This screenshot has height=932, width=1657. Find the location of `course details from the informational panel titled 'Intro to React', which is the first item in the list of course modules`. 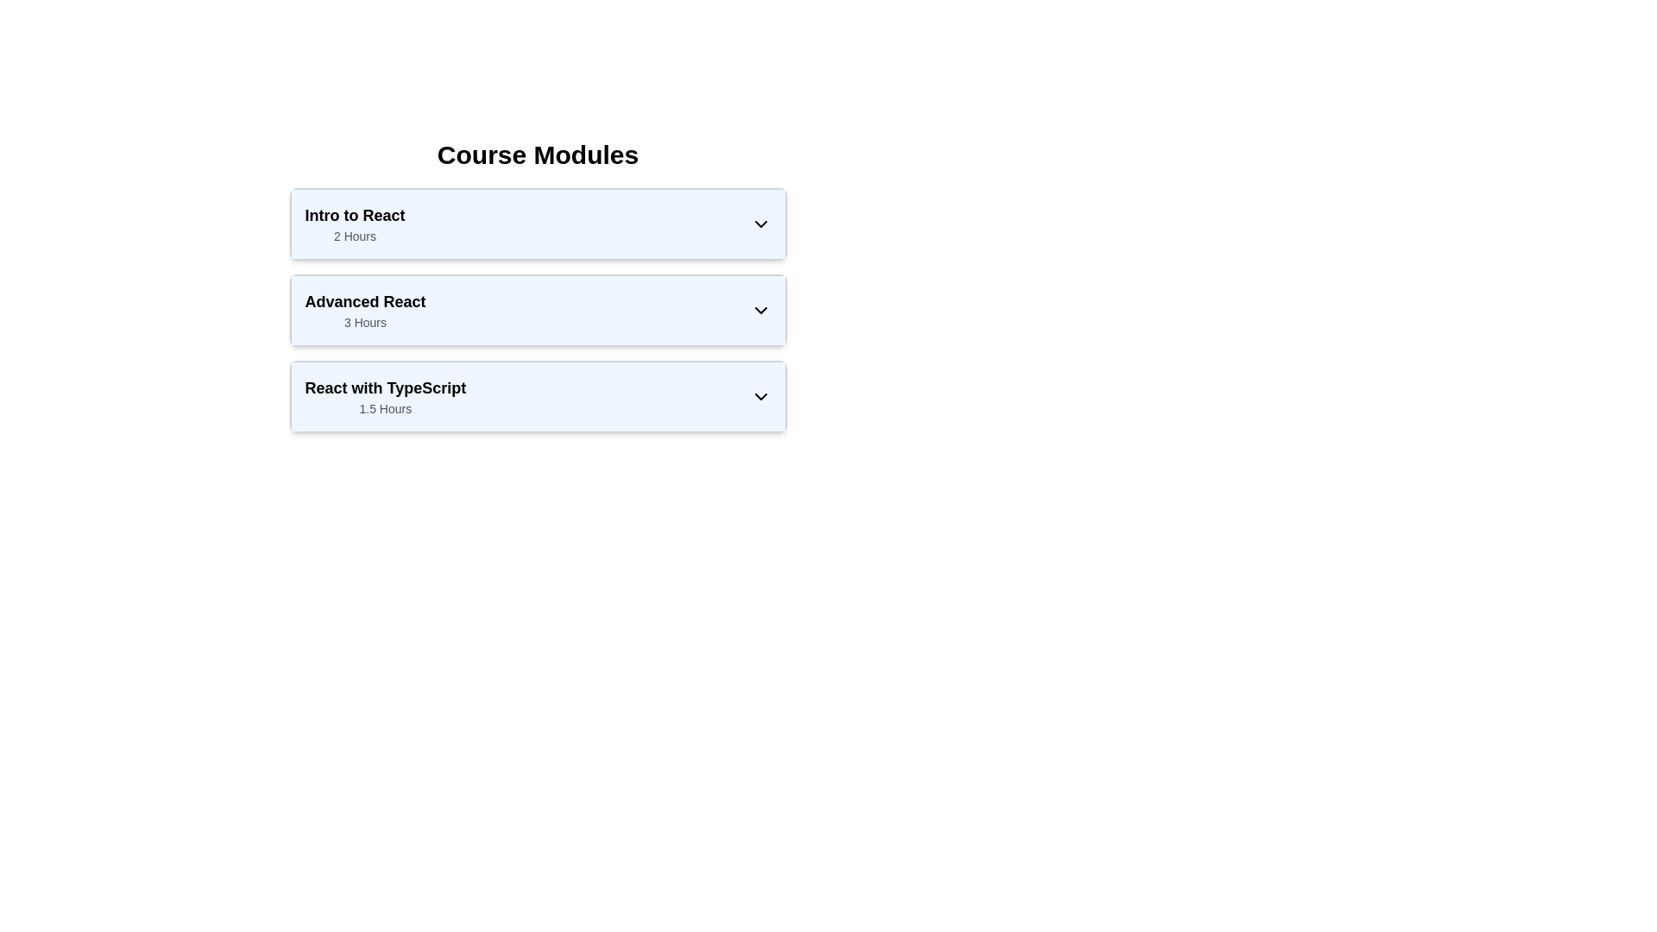

course details from the informational panel titled 'Intro to React', which is the first item in the list of course modules is located at coordinates (537, 223).